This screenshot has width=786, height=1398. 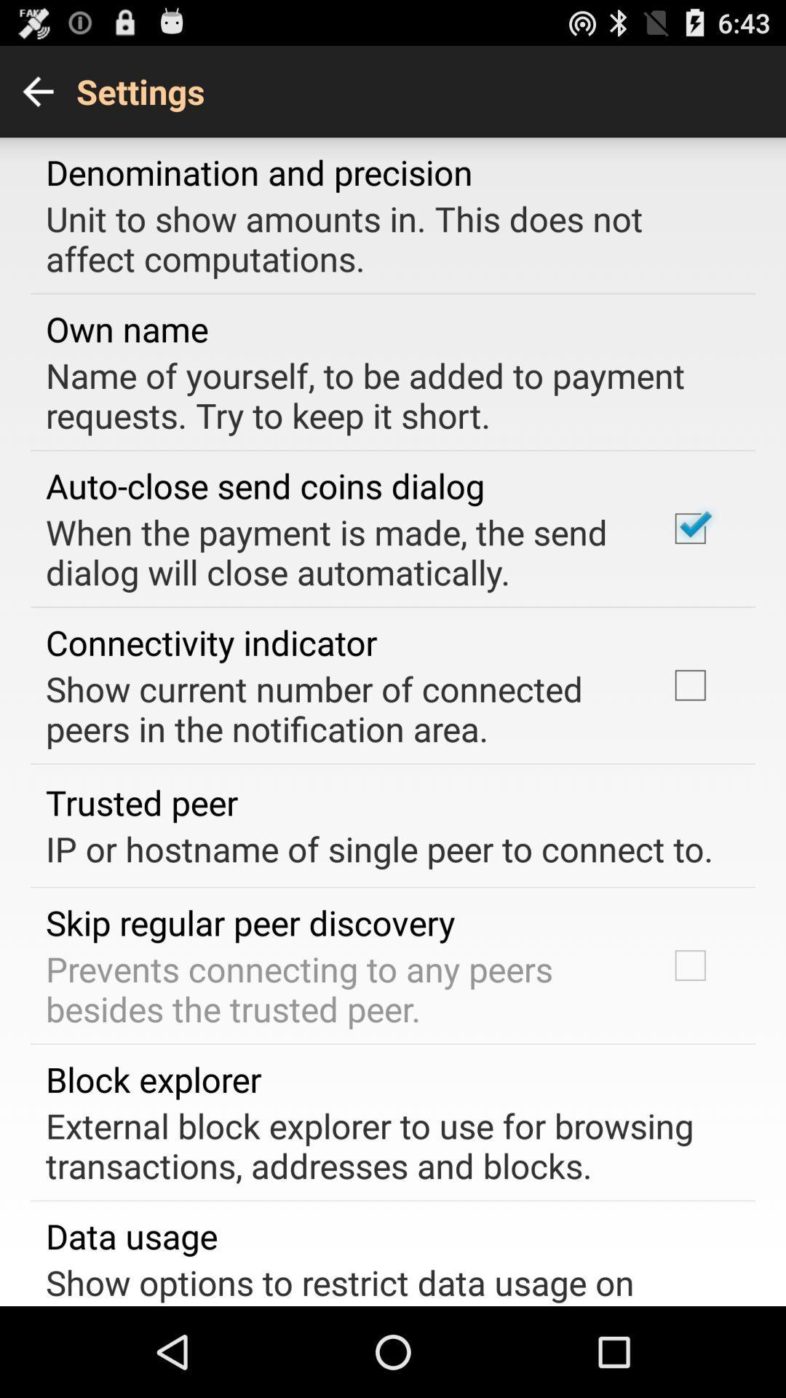 I want to click on prevents connecting to, so click(x=337, y=989).